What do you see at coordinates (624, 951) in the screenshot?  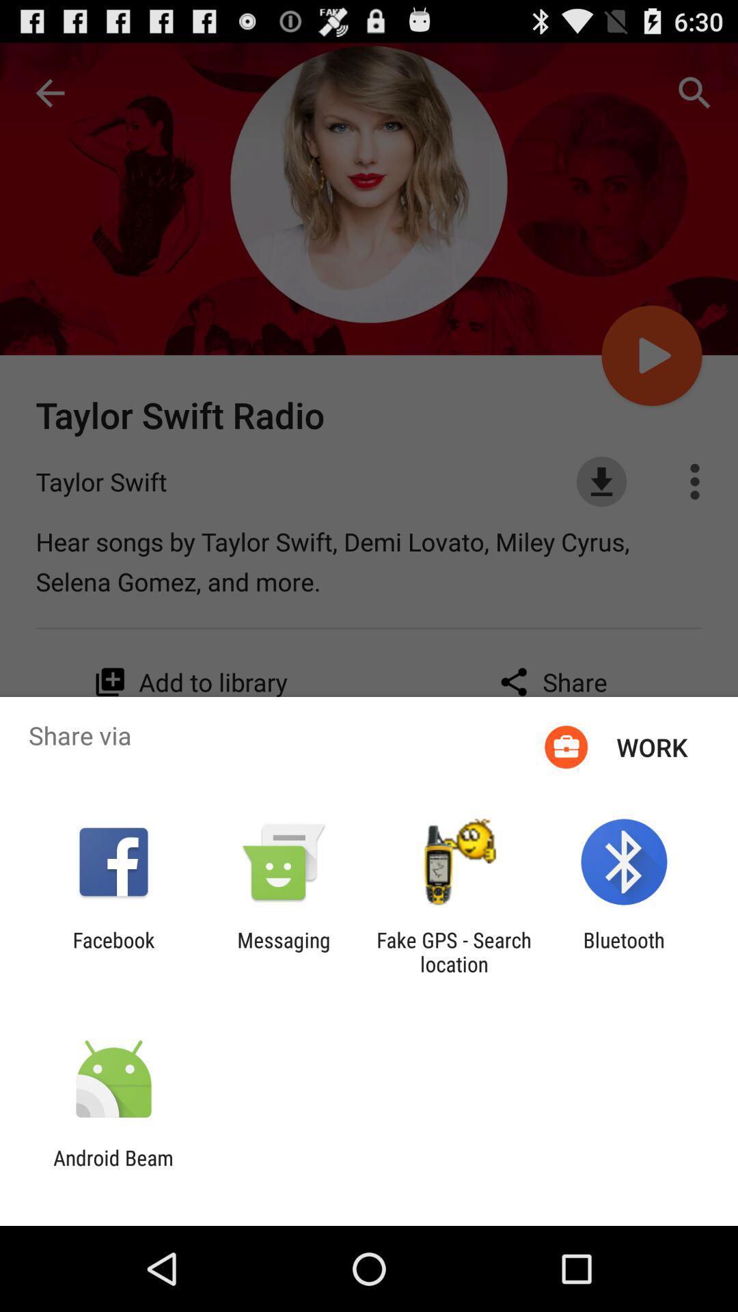 I see `bluetooth app` at bounding box center [624, 951].